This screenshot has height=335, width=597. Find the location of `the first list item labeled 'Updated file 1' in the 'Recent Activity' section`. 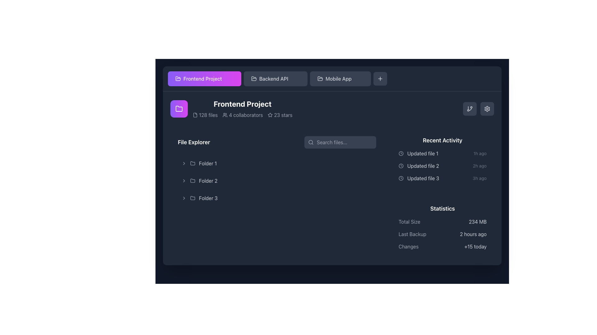

the first list item labeled 'Updated file 1' in the 'Recent Activity' section is located at coordinates (442, 153).